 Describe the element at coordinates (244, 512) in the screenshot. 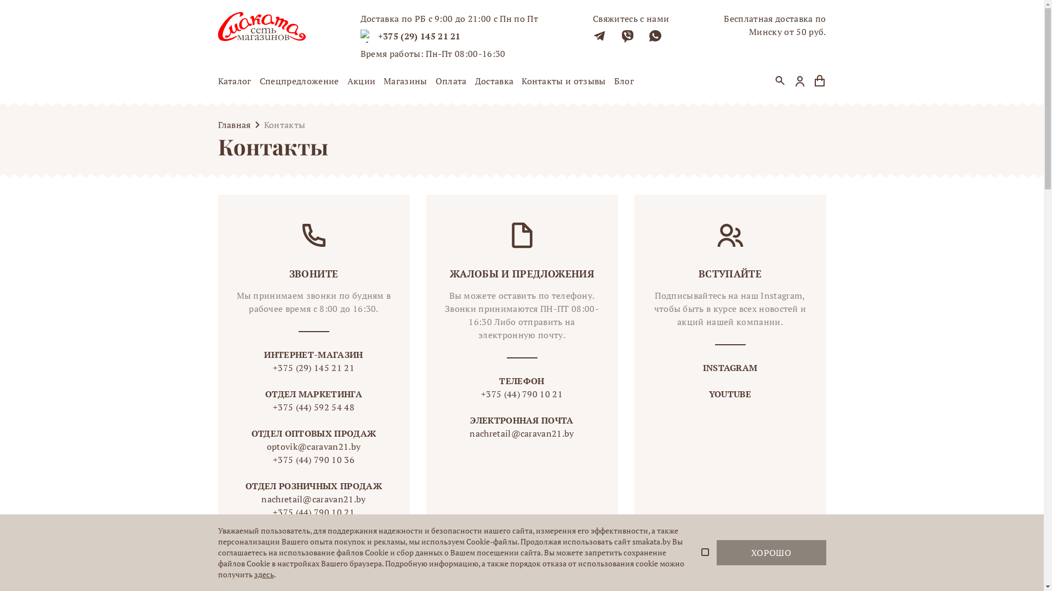

I see `'+375 (44) 790 10 21'` at that location.